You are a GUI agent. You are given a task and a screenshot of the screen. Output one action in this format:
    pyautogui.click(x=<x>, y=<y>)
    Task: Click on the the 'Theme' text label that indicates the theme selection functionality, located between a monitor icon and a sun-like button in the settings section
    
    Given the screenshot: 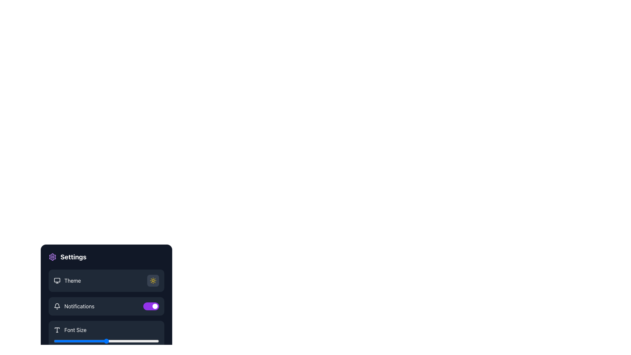 What is the action you would take?
    pyautogui.click(x=73, y=280)
    